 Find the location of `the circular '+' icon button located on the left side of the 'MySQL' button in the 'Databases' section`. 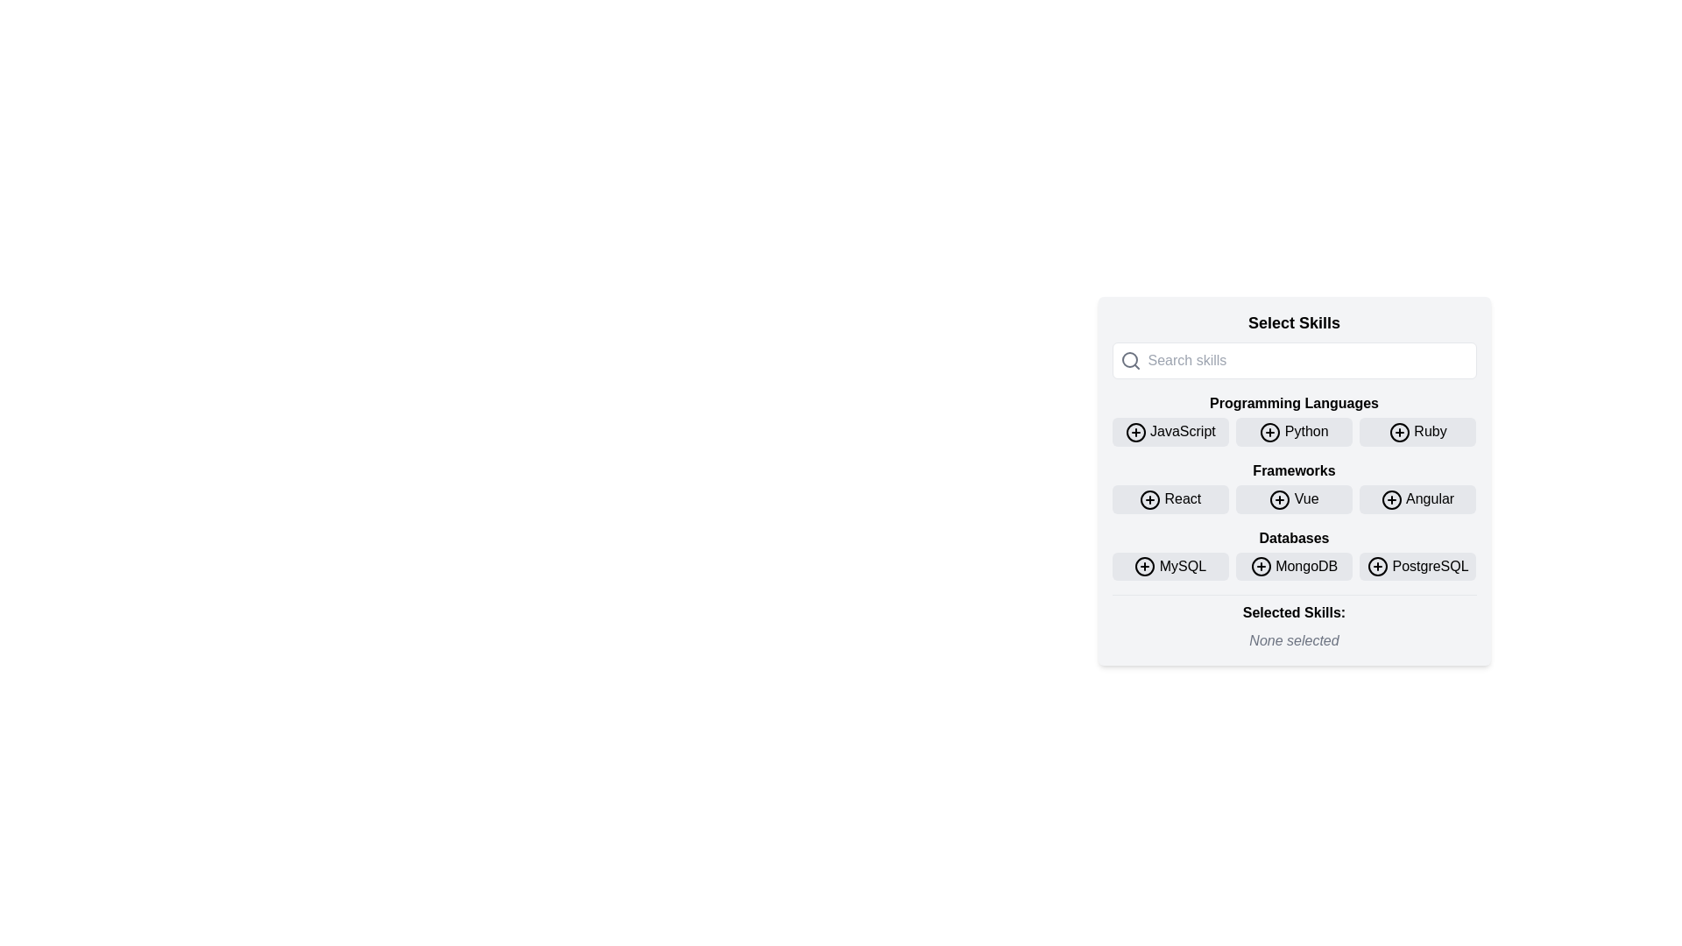

the circular '+' icon button located on the left side of the 'MySQL' button in the 'Databases' section is located at coordinates (1145, 567).